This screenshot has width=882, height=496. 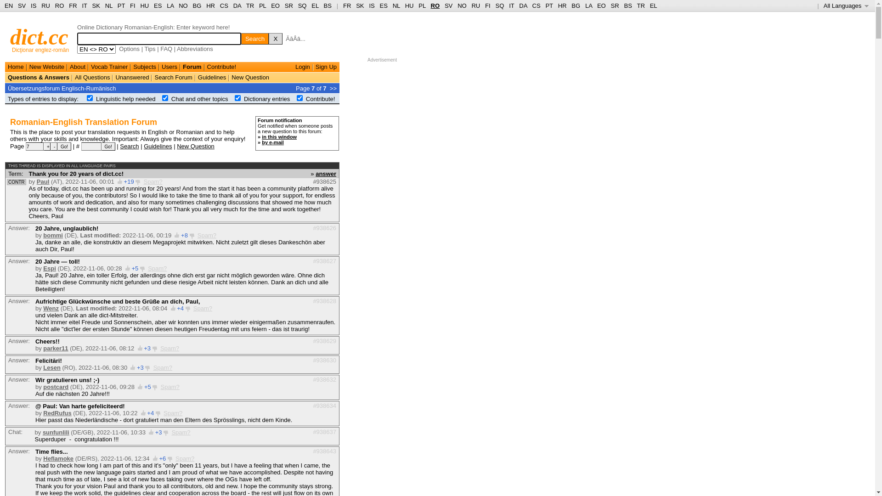 What do you see at coordinates (384, 6) in the screenshot?
I see `'ES'` at bounding box center [384, 6].